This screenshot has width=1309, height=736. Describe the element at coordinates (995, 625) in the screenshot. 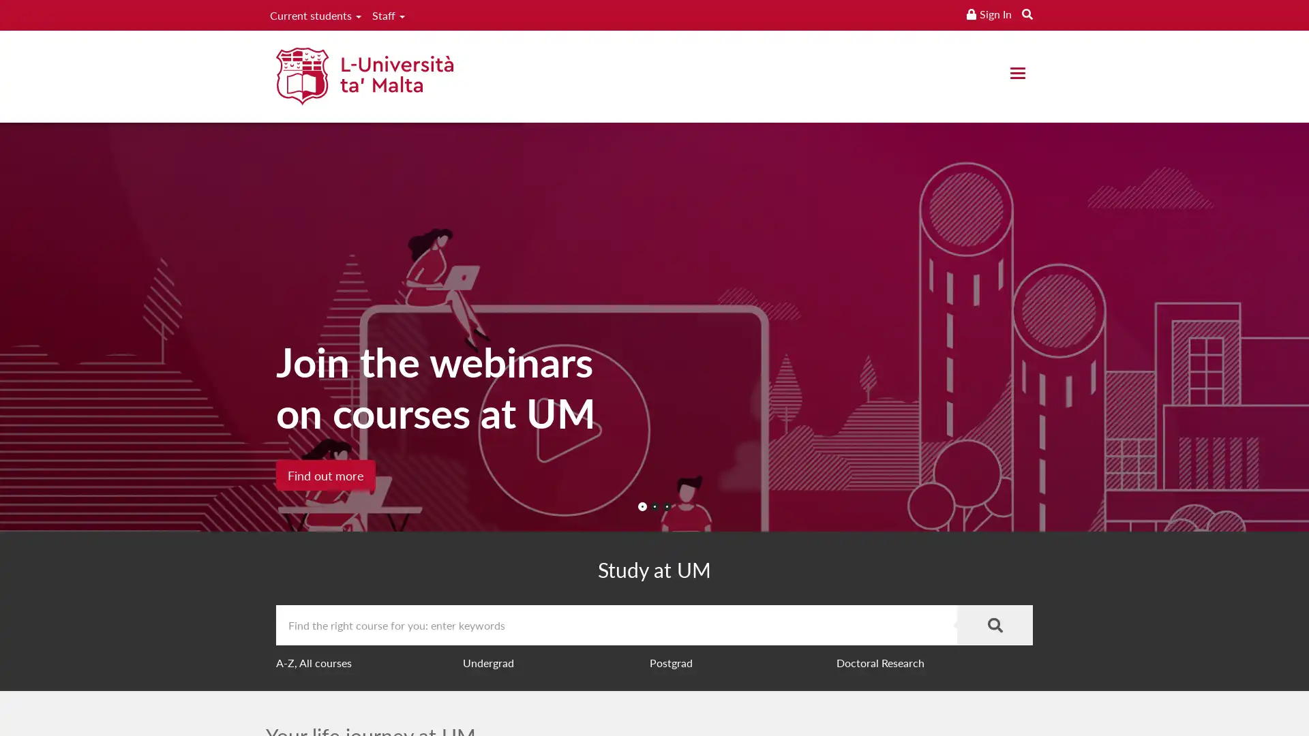

I see `Search for course` at that location.